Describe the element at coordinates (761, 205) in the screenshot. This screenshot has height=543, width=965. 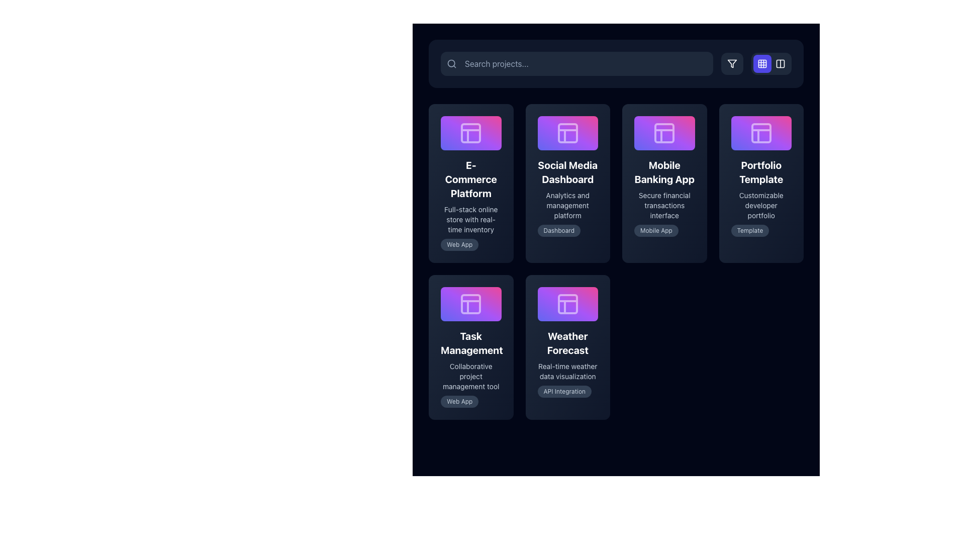
I see `the text label displaying 'Customizable developer portfolio'` at that location.